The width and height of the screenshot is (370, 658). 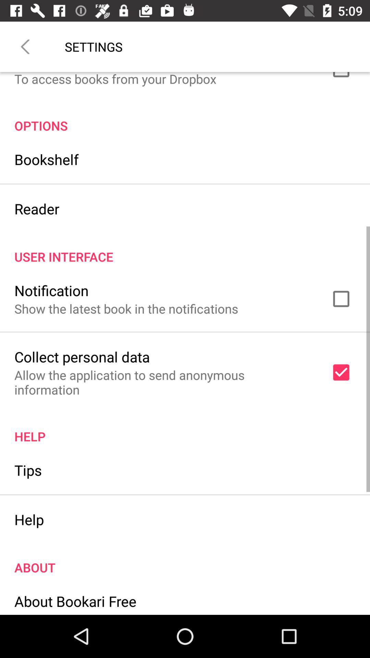 I want to click on the allow the application item, so click(x=163, y=382).